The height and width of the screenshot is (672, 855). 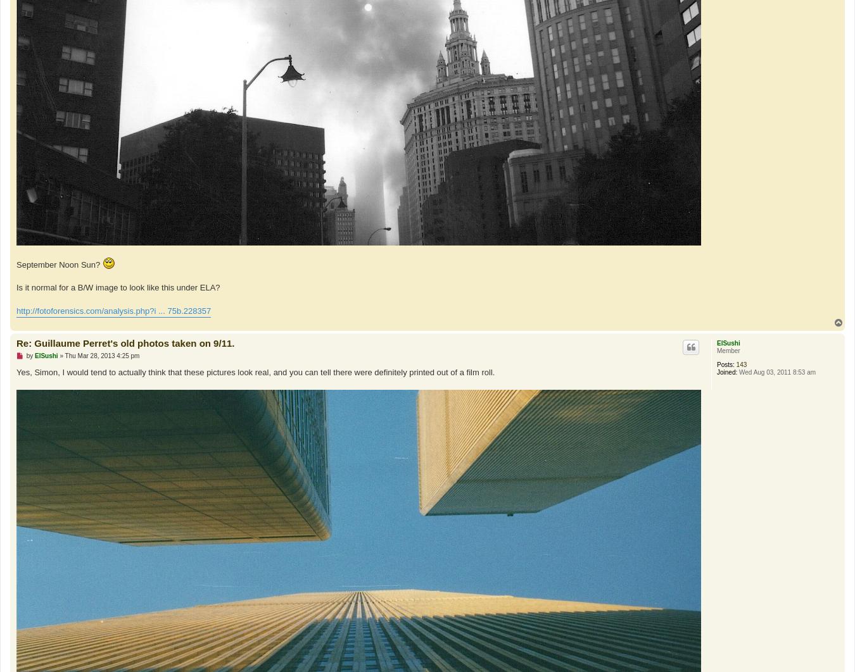 What do you see at coordinates (113, 309) in the screenshot?
I see `'http://fotoforensics.com/analysis.php?i ... 75b.228357'` at bounding box center [113, 309].